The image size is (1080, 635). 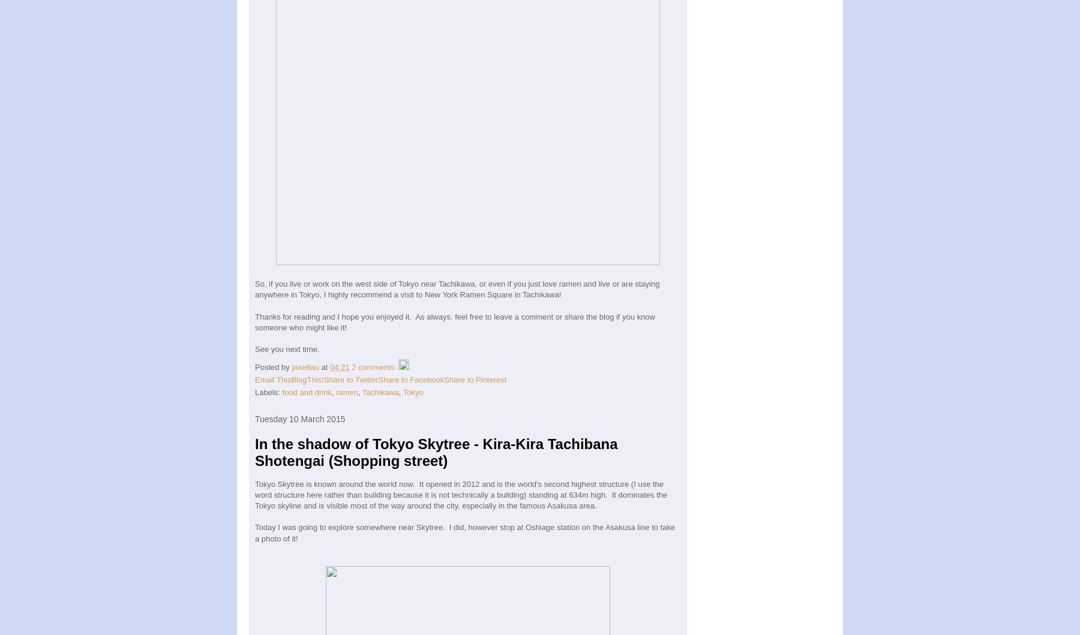 I want to click on 'Tachikawa', so click(x=362, y=392).